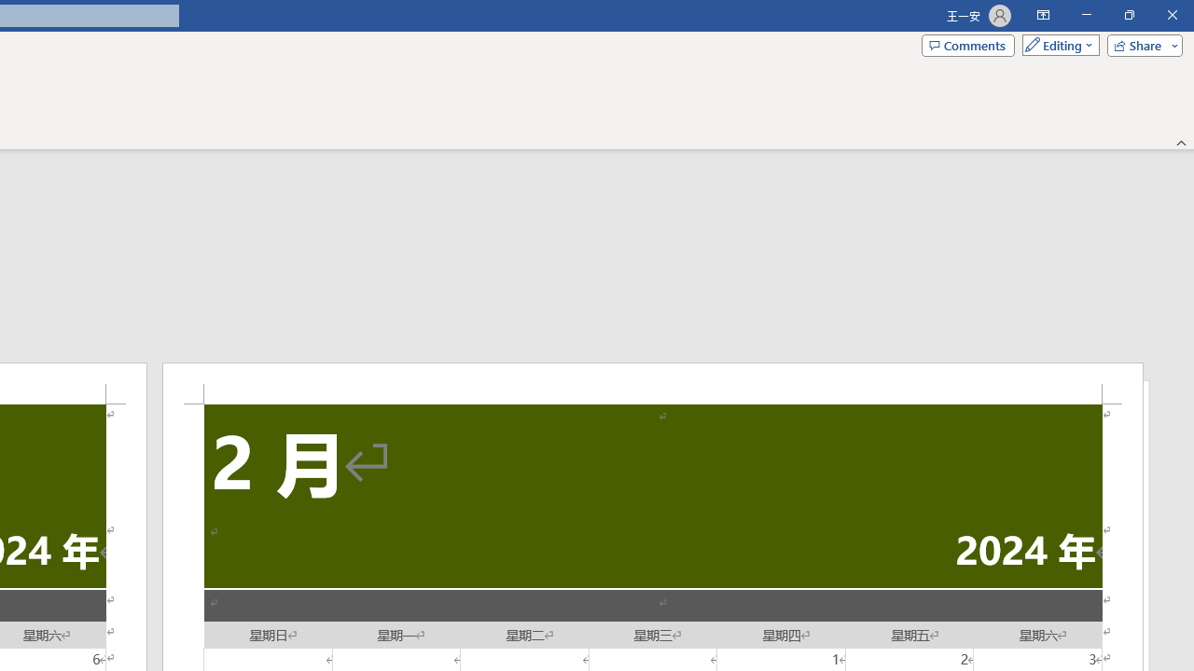 This screenshot has width=1194, height=671. Describe the element at coordinates (968, 44) in the screenshot. I see `'Comments'` at that location.